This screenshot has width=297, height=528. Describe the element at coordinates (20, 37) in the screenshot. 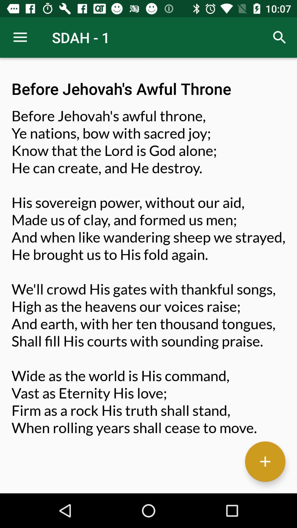

I see `the item to the left of the sdah - 1 item` at that location.